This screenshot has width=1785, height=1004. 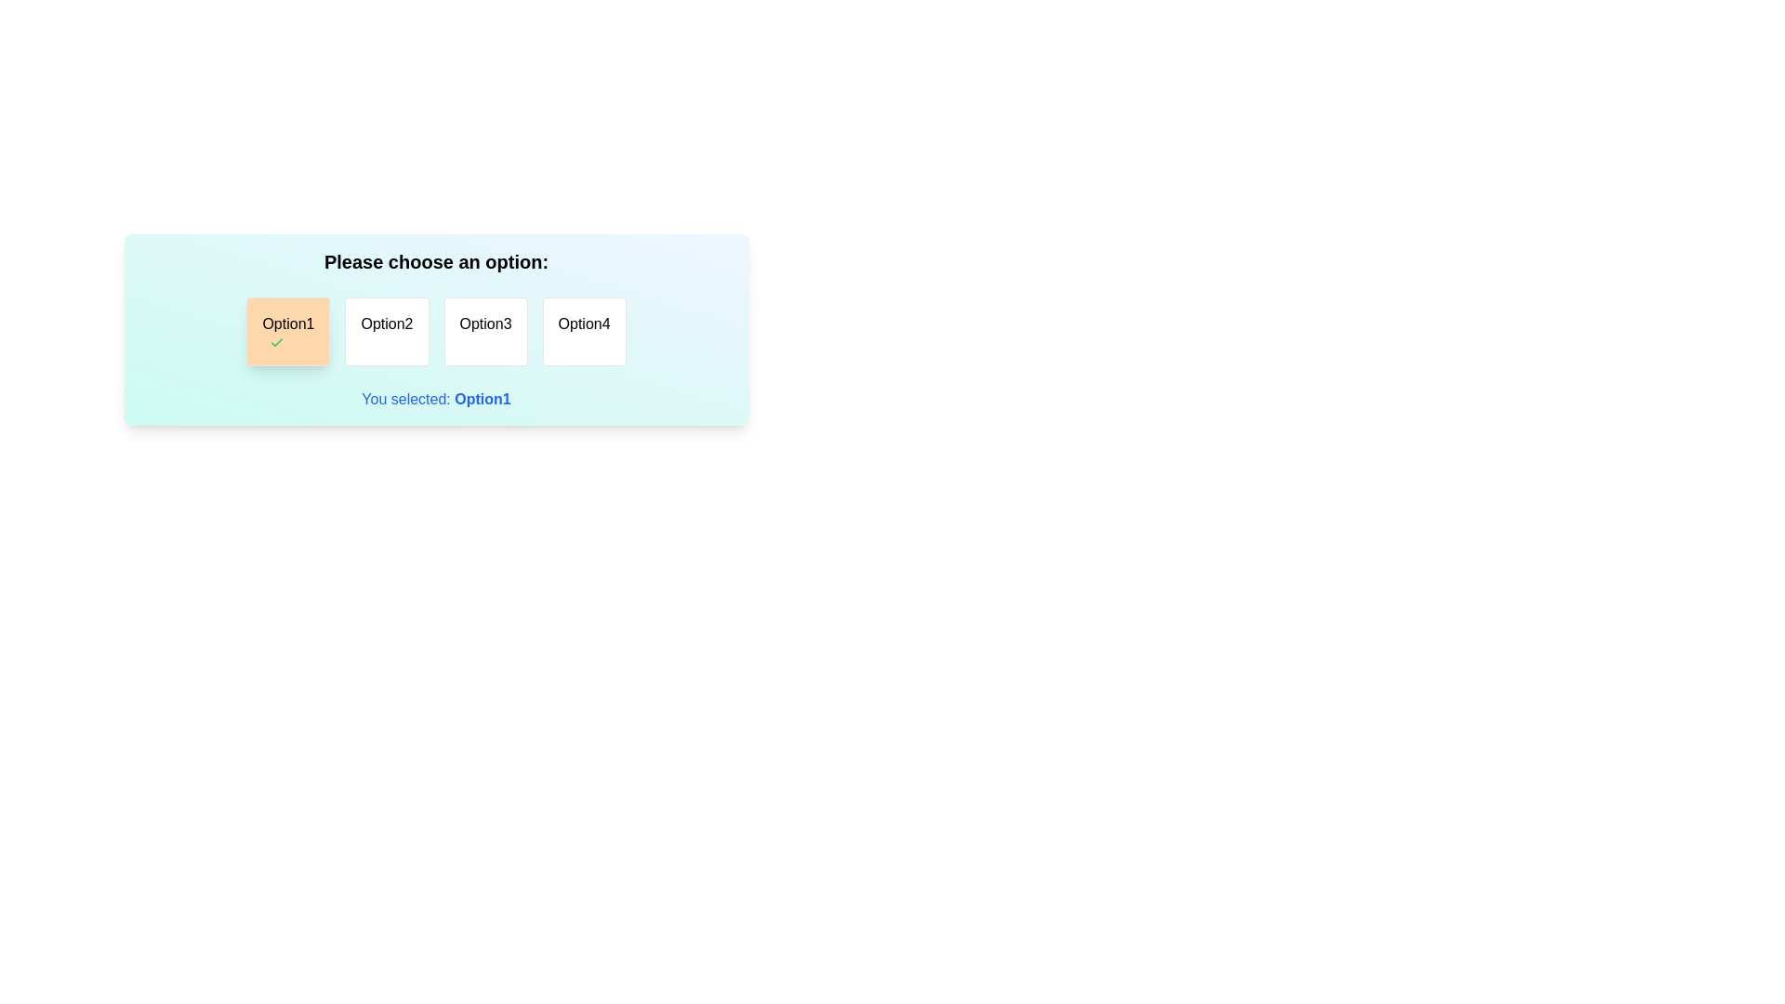 I want to click on the selectable option labeled 'Option4', which is a rectangular button with rounded corners and a white background, located at the far right of a row of toggle buttons, so click(x=583, y=331).